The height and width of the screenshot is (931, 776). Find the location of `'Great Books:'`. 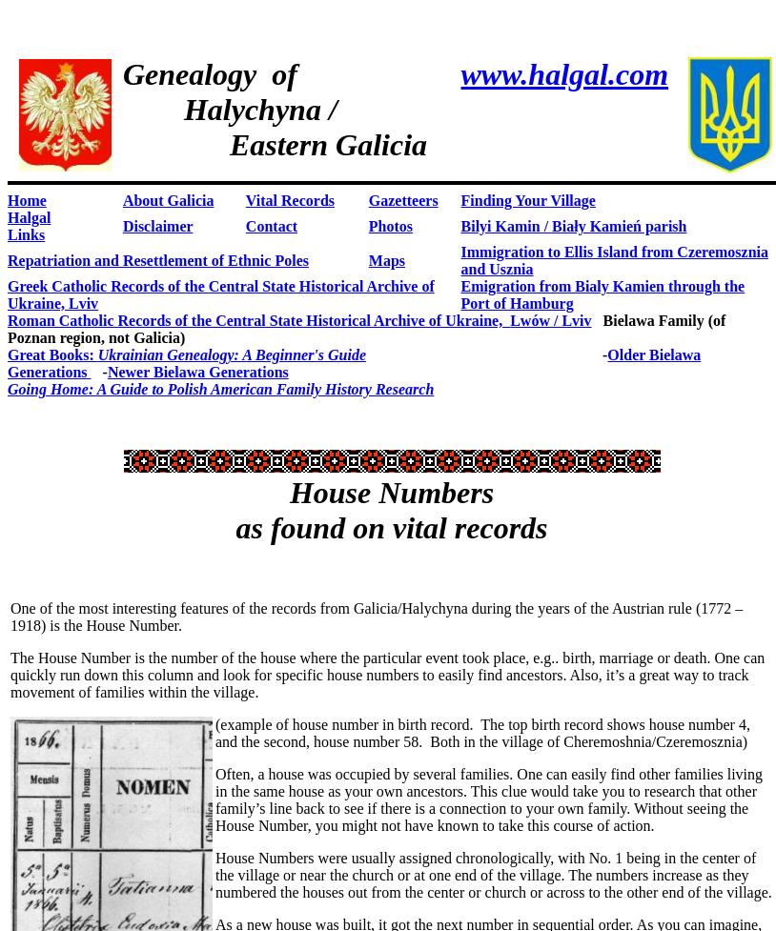

'Great Books:' is located at coordinates (51, 354).